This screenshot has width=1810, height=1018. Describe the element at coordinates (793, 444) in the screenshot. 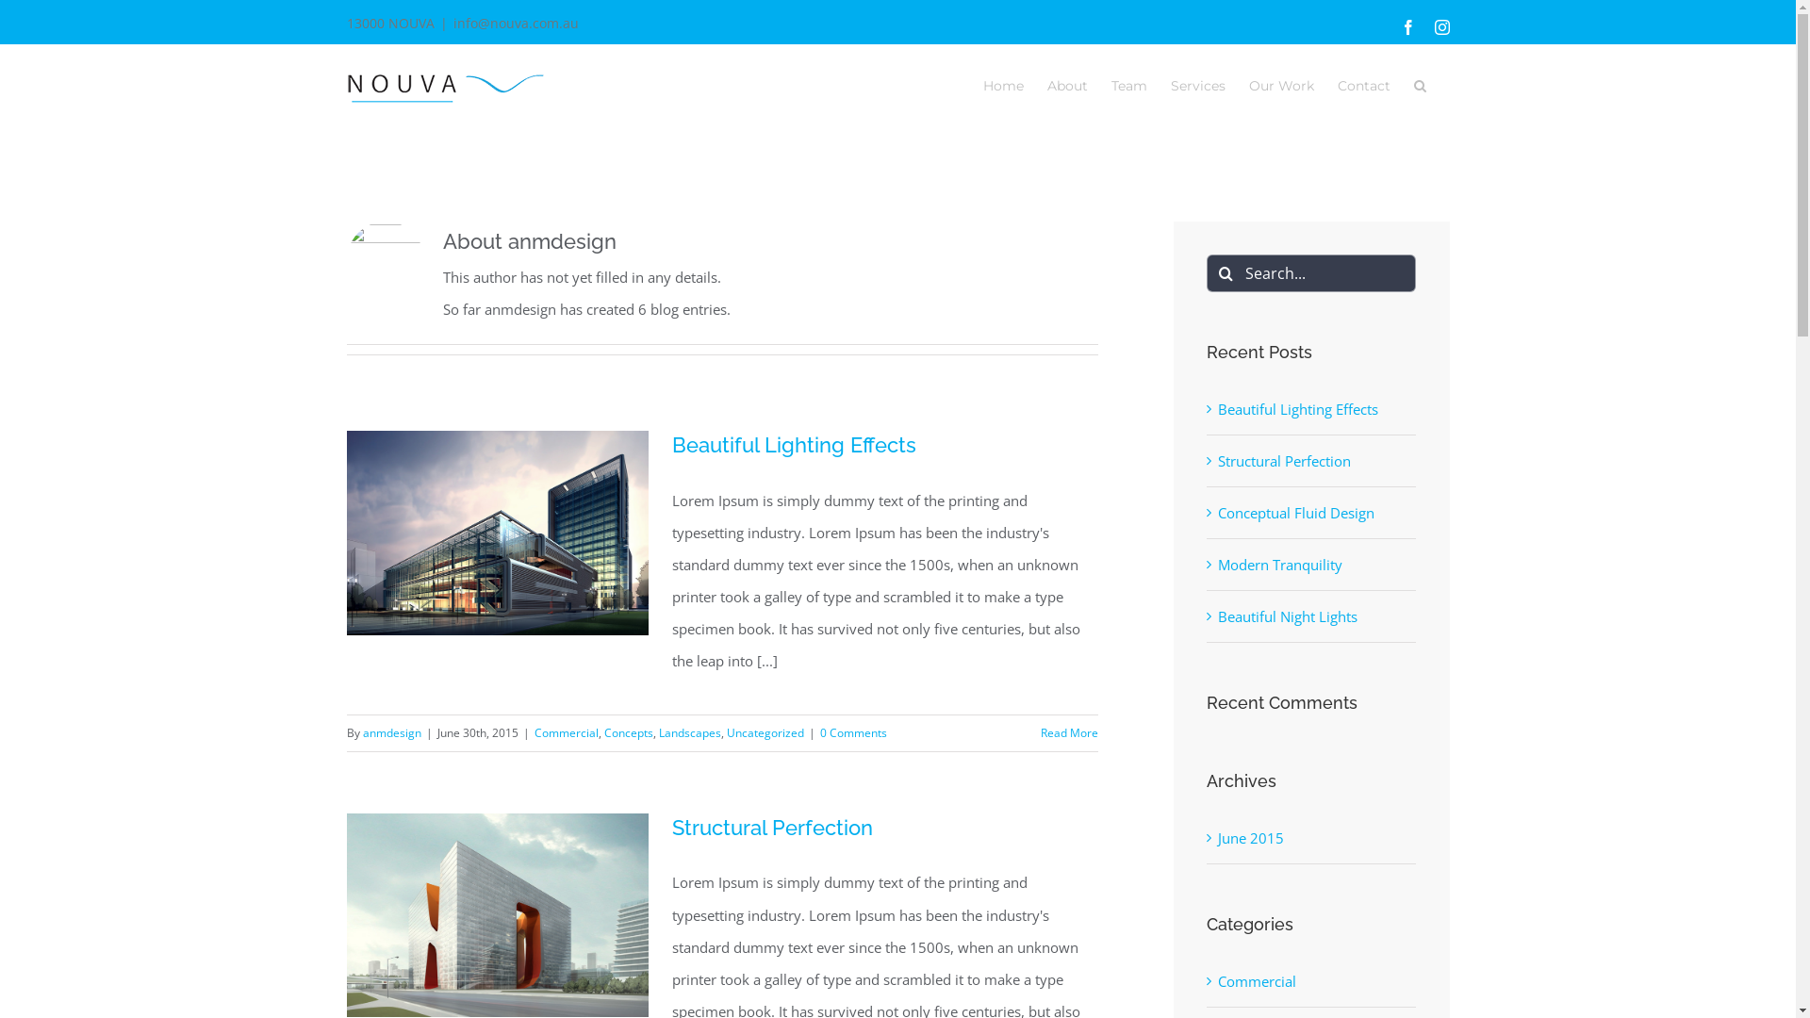

I see `'Beautiful Lighting Effects'` at that location.